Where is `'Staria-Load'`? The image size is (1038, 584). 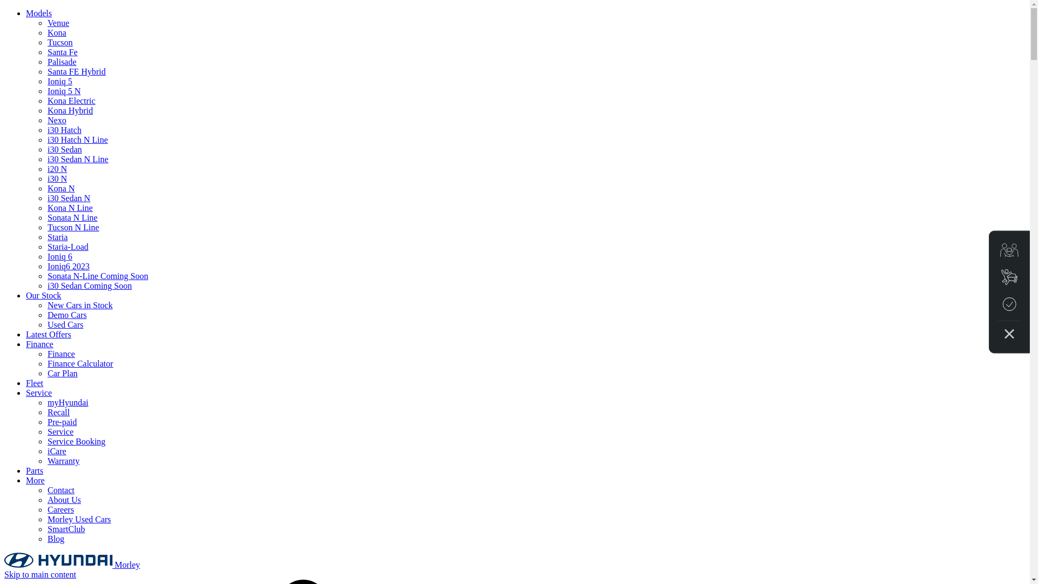 'Staria-Load' is located at coordinates (67, 247).